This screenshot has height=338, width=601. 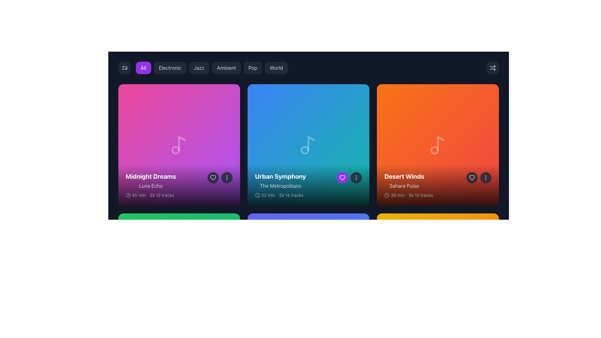 I want to click on the first button on the navigation bar that toggles or displays the music list or playlist view, so click(x=124, y=68).